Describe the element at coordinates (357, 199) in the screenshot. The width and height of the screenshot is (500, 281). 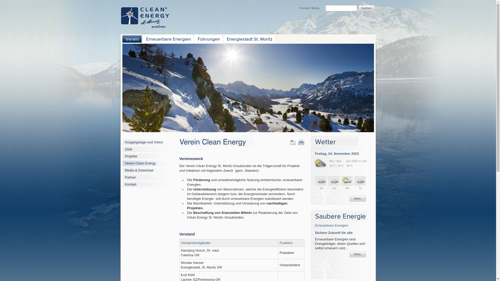
I see `'Mehr'` at that location.